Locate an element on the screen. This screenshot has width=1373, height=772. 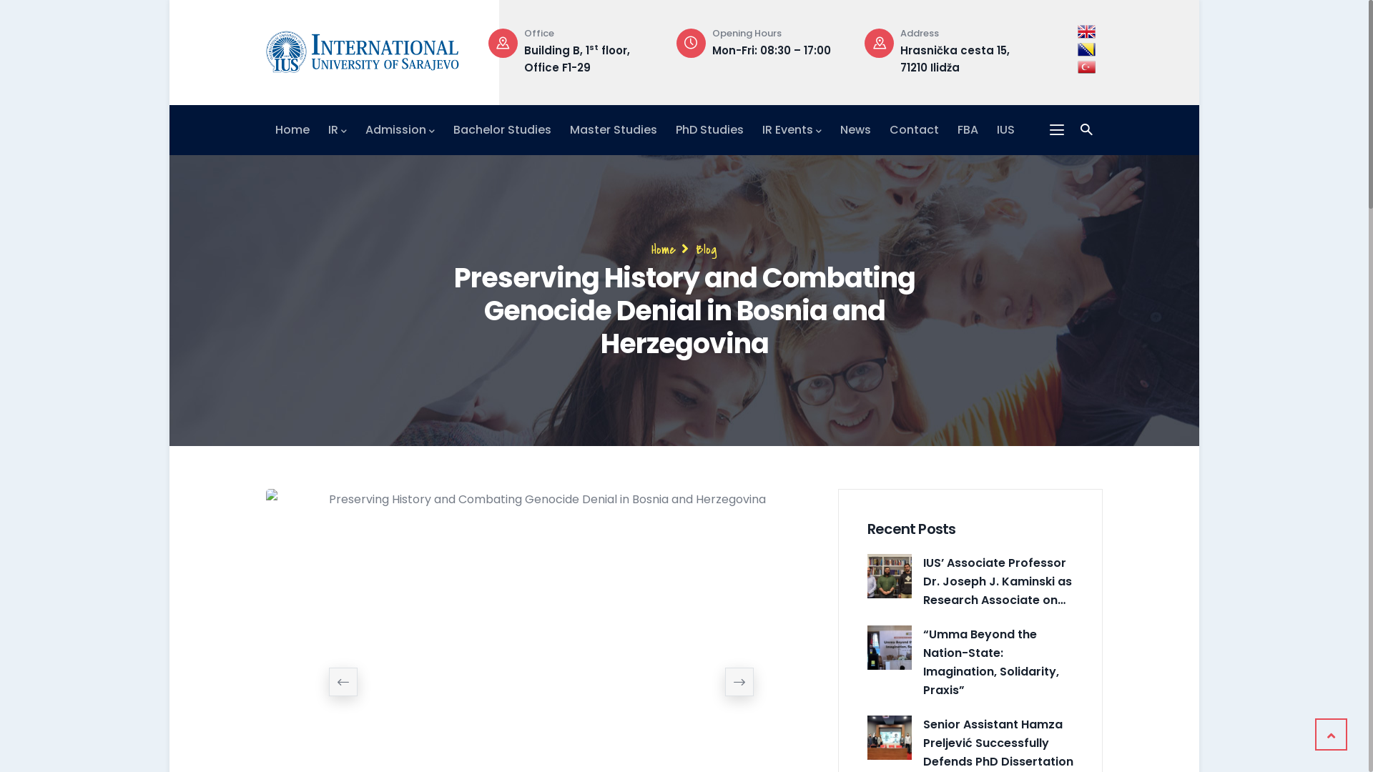
'Turkish' is located at coordinates (1086, 66).